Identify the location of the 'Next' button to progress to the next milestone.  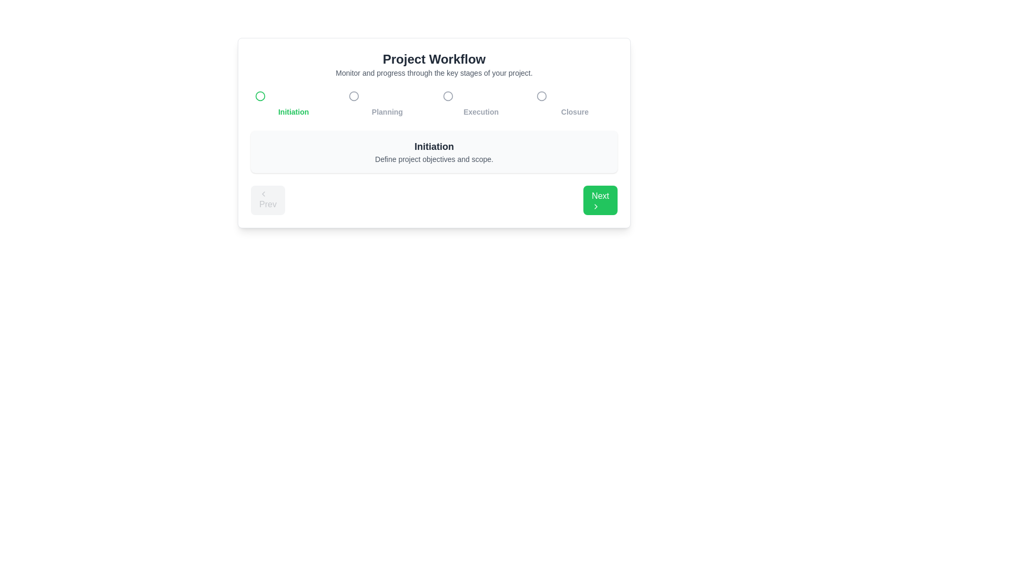
(600, 200).